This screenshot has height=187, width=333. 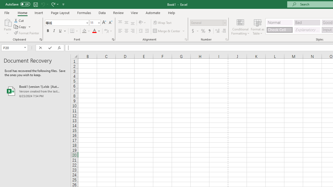 What do you see at coordinates (126, 22) in the screenshot?
I see `'Middle Align'` at bounding box center [126, 22].